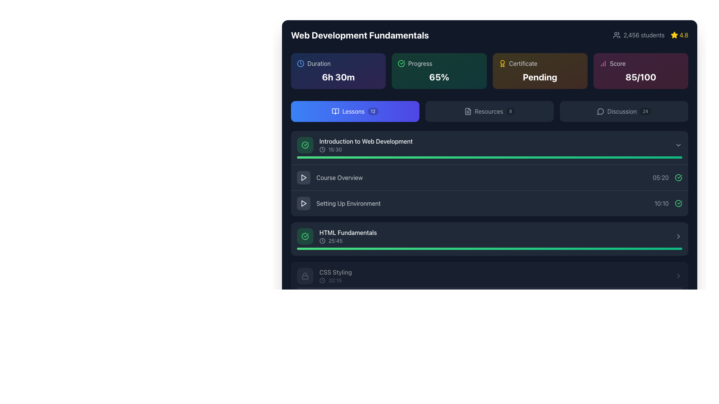 This screenshot has height=404, width=719. Describe the element at coordinates (324, 276) in the screenshot. I see `the list item representing the course lesson titled 'CSS Styling' which has a time duration of '32:15' and a lock icon indicating restricted access` at that location.